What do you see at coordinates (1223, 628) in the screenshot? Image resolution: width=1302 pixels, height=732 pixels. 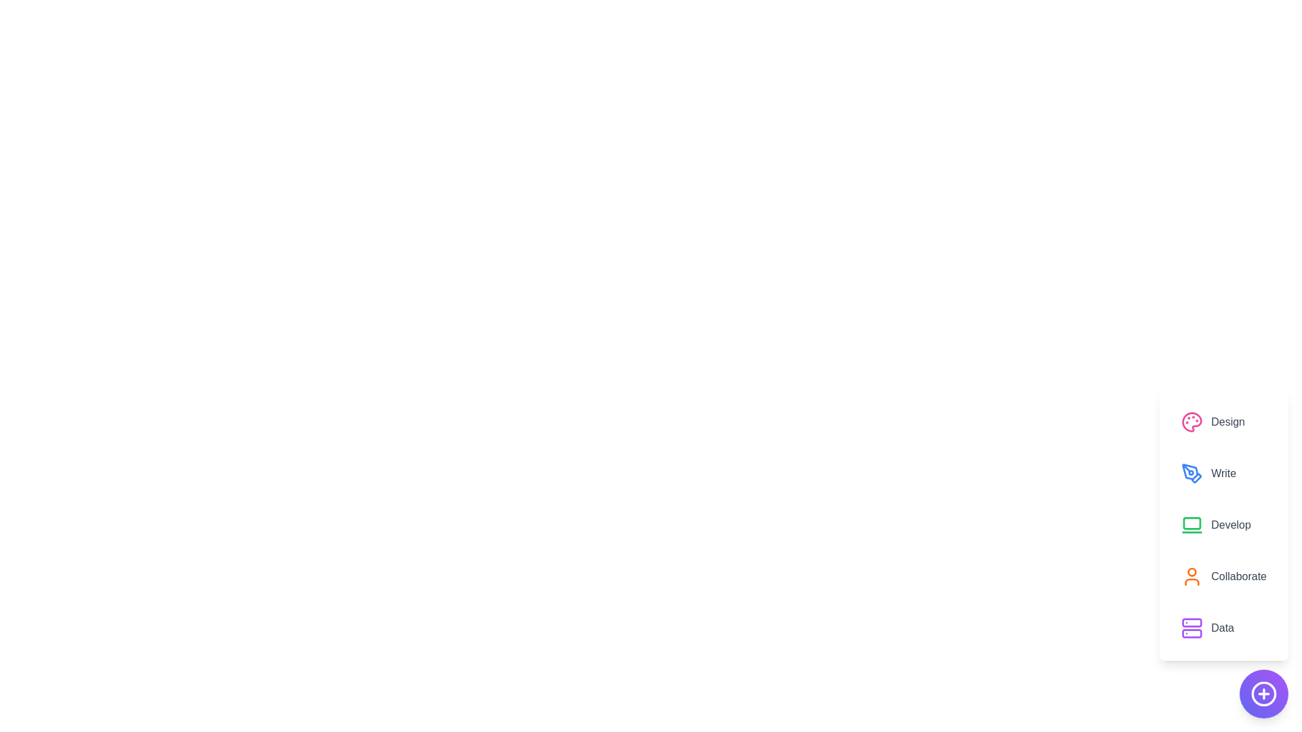 I see `the option labeled Data to preview its effect` at bounding box center [1223, 628].